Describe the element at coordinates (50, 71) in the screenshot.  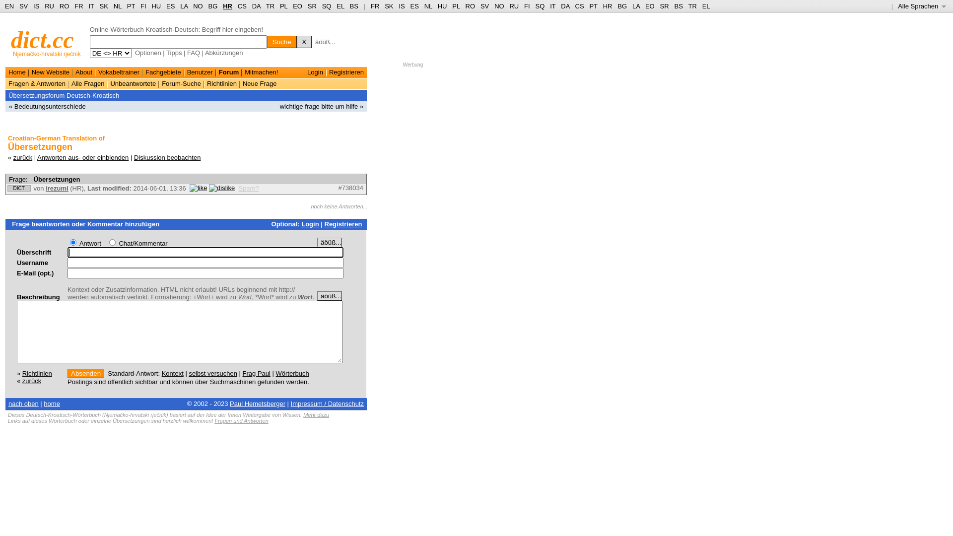
I see `'New Website'` at that location.